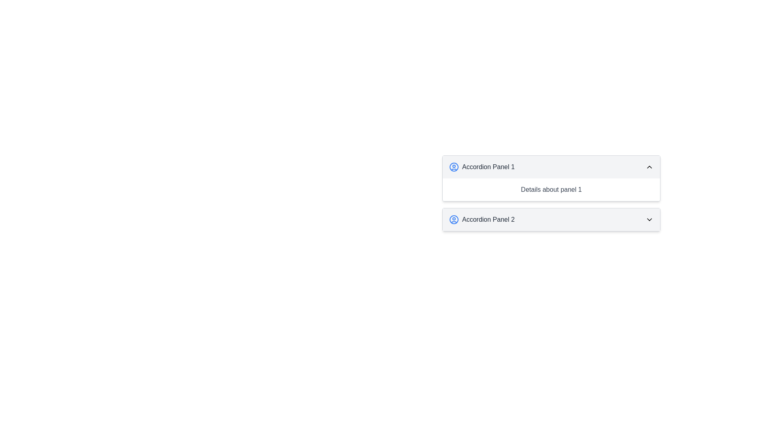 The height and width of the screenshot is (437, 777). What do you see at coordinates (551, 190) in the screenshot?
I see `the text block displaying 'Details about panel 1' located within the first accordion panel beneath the header labeled 'Accordion Panel 1'` at bounding box center [551, 190].